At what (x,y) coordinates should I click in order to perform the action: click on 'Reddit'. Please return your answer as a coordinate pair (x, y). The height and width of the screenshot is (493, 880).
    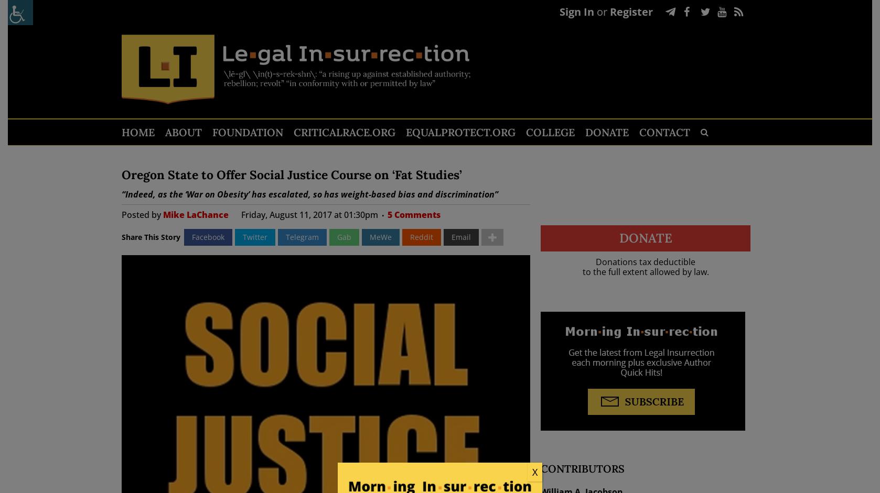
    Looking at the image, I should click on (409, 237).